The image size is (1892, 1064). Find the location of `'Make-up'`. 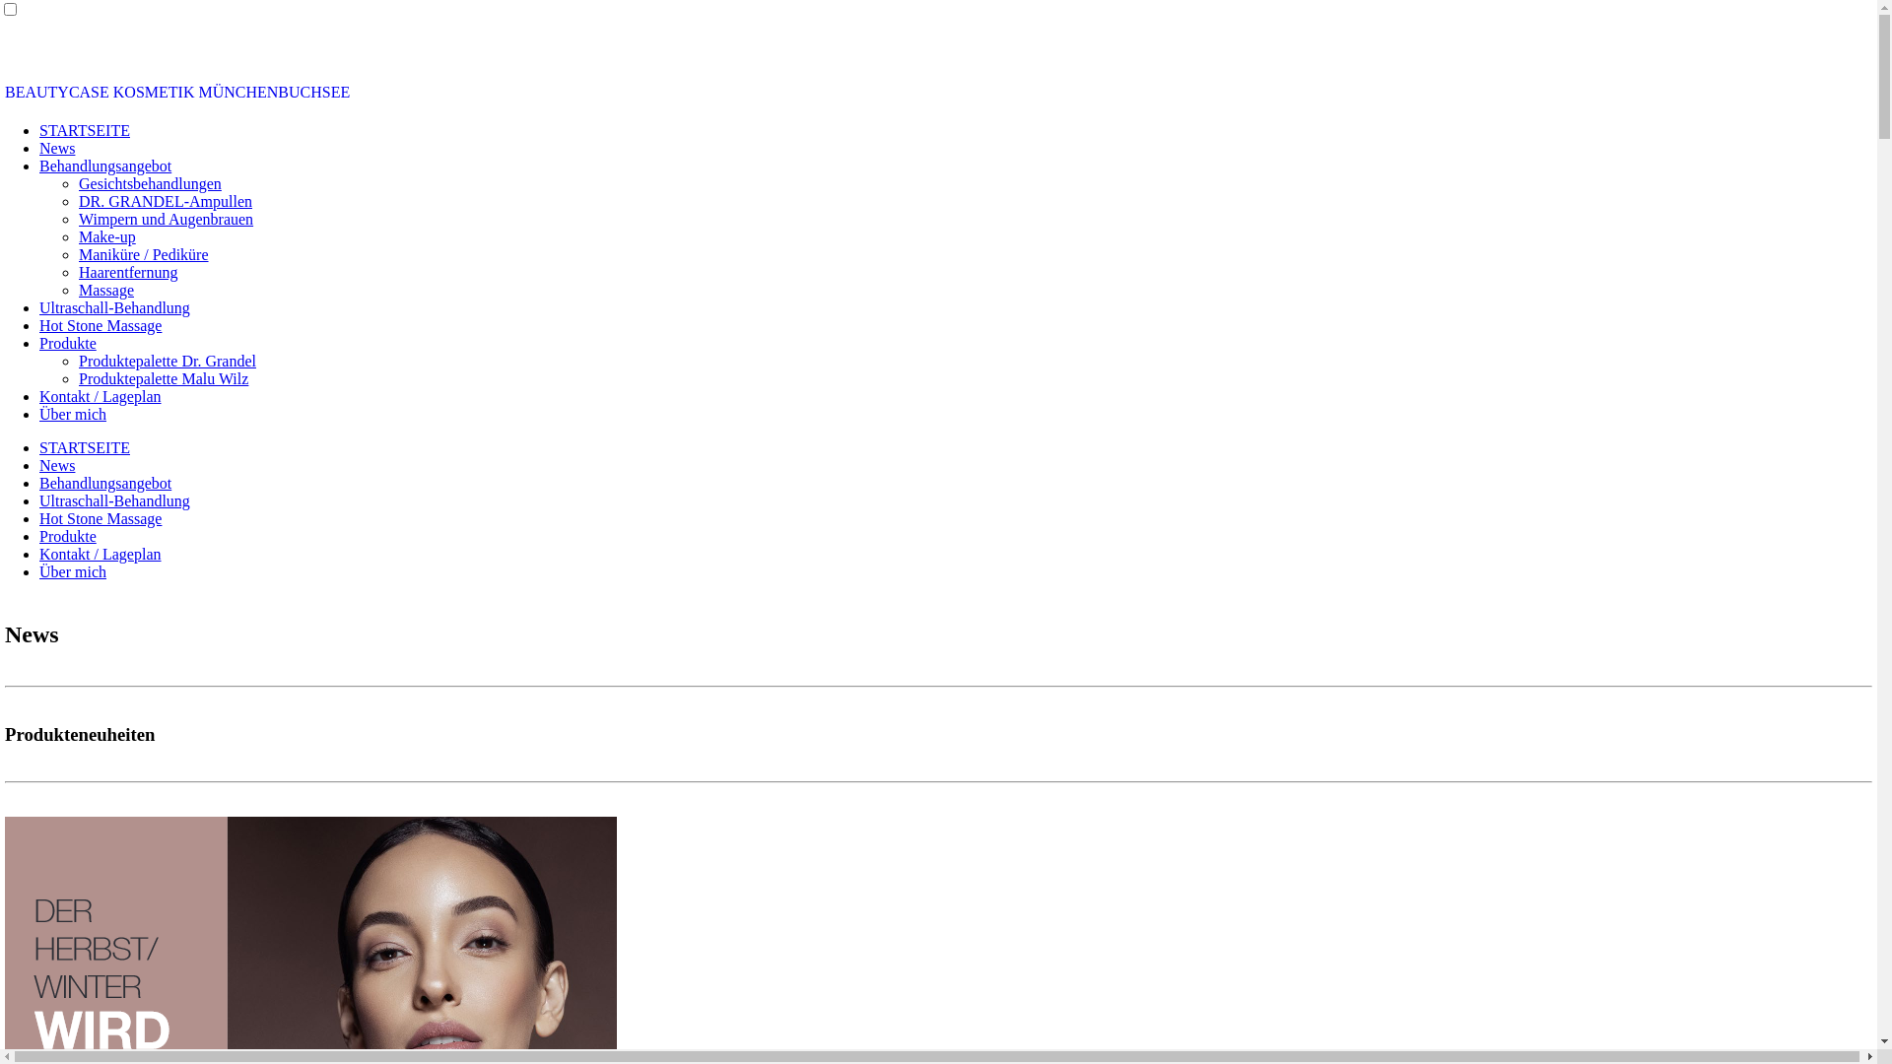

'Make-up' is located at coordinates (106, 235).